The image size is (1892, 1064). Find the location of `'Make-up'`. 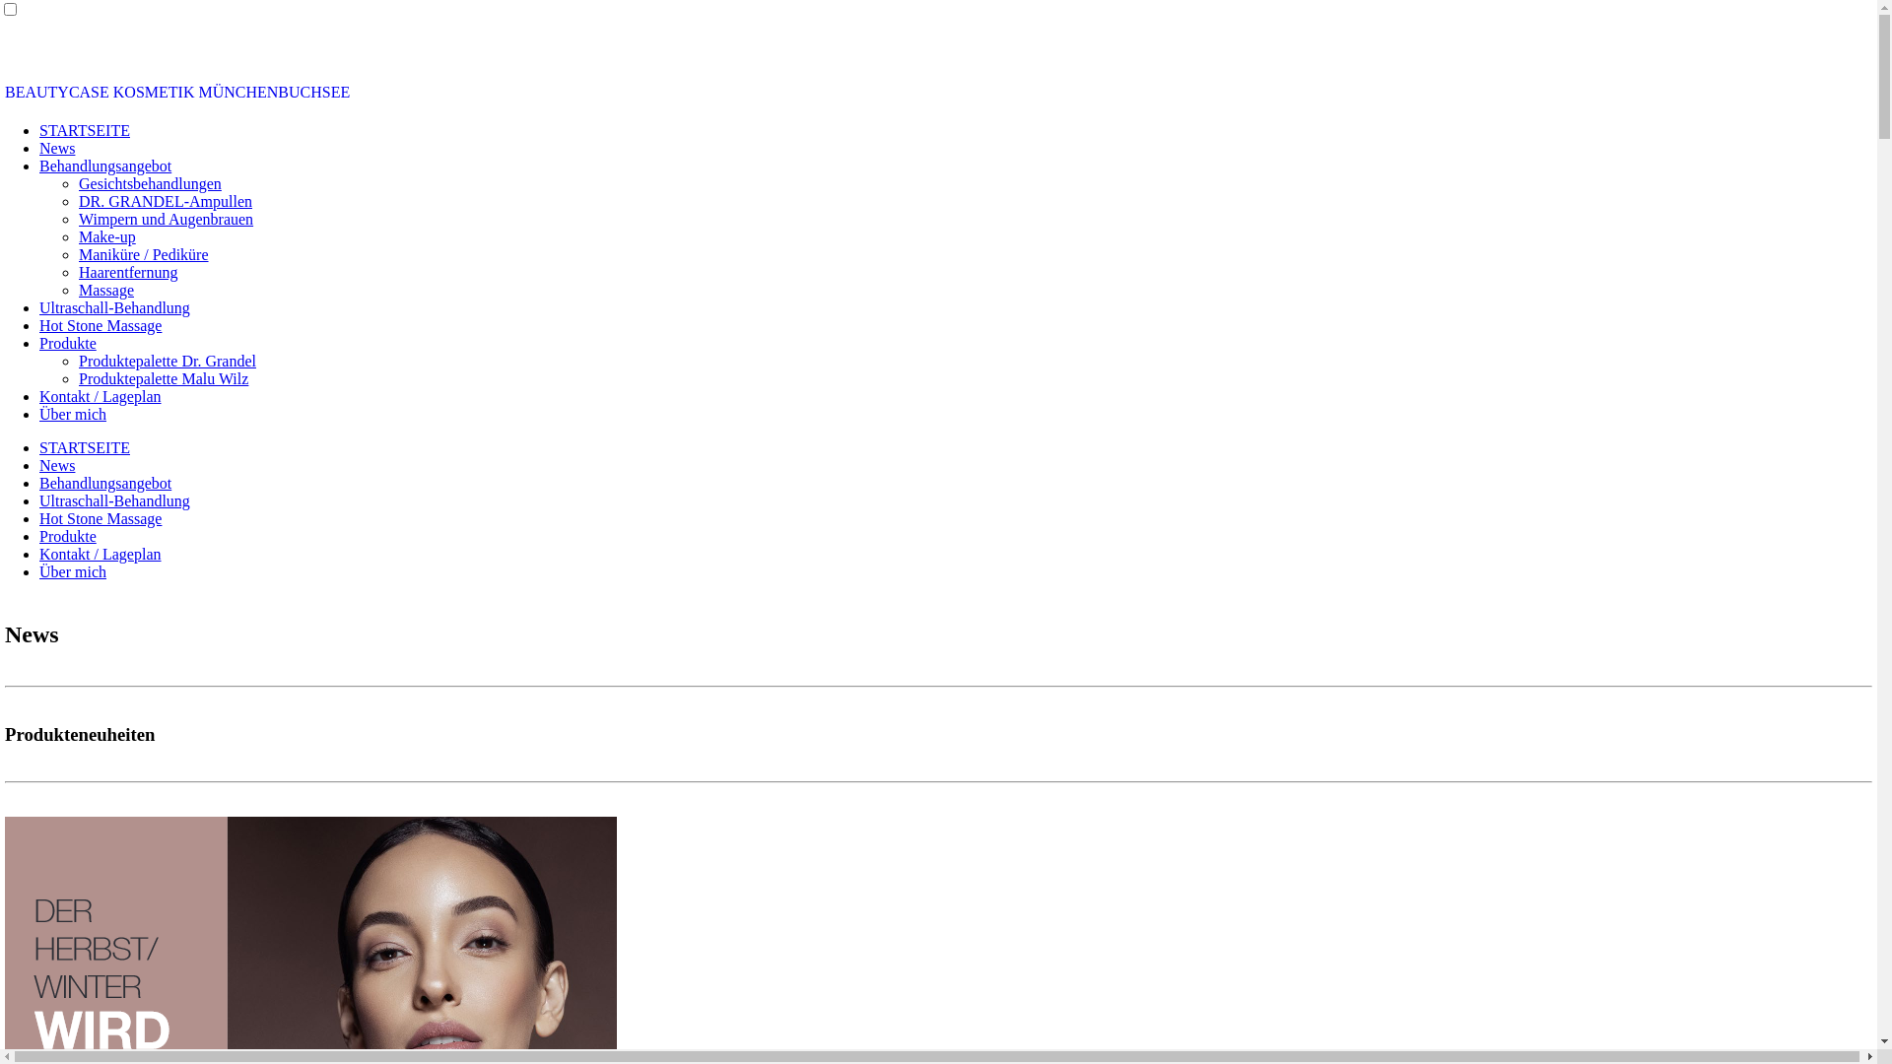

'Make-up' is located at coordinates (106, 235).